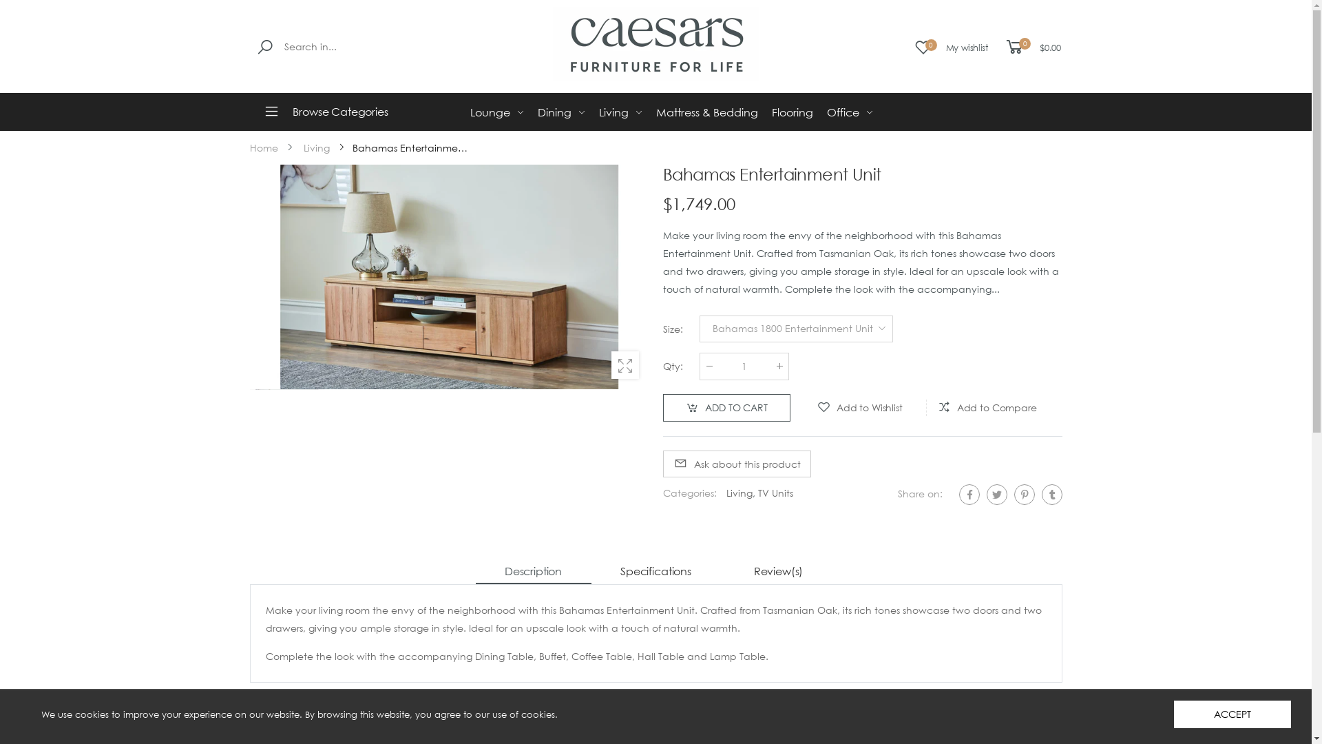 The height and width of the screenshot is (744, 1322). What do you see at coordinates (654, 572) in the screenshot?
I see `'Specifications'` at bounding box center [654, 572].